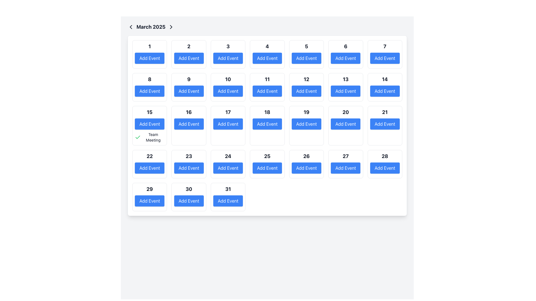 The width and height of the screenshot is (536, 301). What do you see at coordinates (228, 123) in the screenshot?
I see `the button labeled '17' to initiate an event addition, located in the second row and third column of the calendar grid` at bounding box center [228, 123].